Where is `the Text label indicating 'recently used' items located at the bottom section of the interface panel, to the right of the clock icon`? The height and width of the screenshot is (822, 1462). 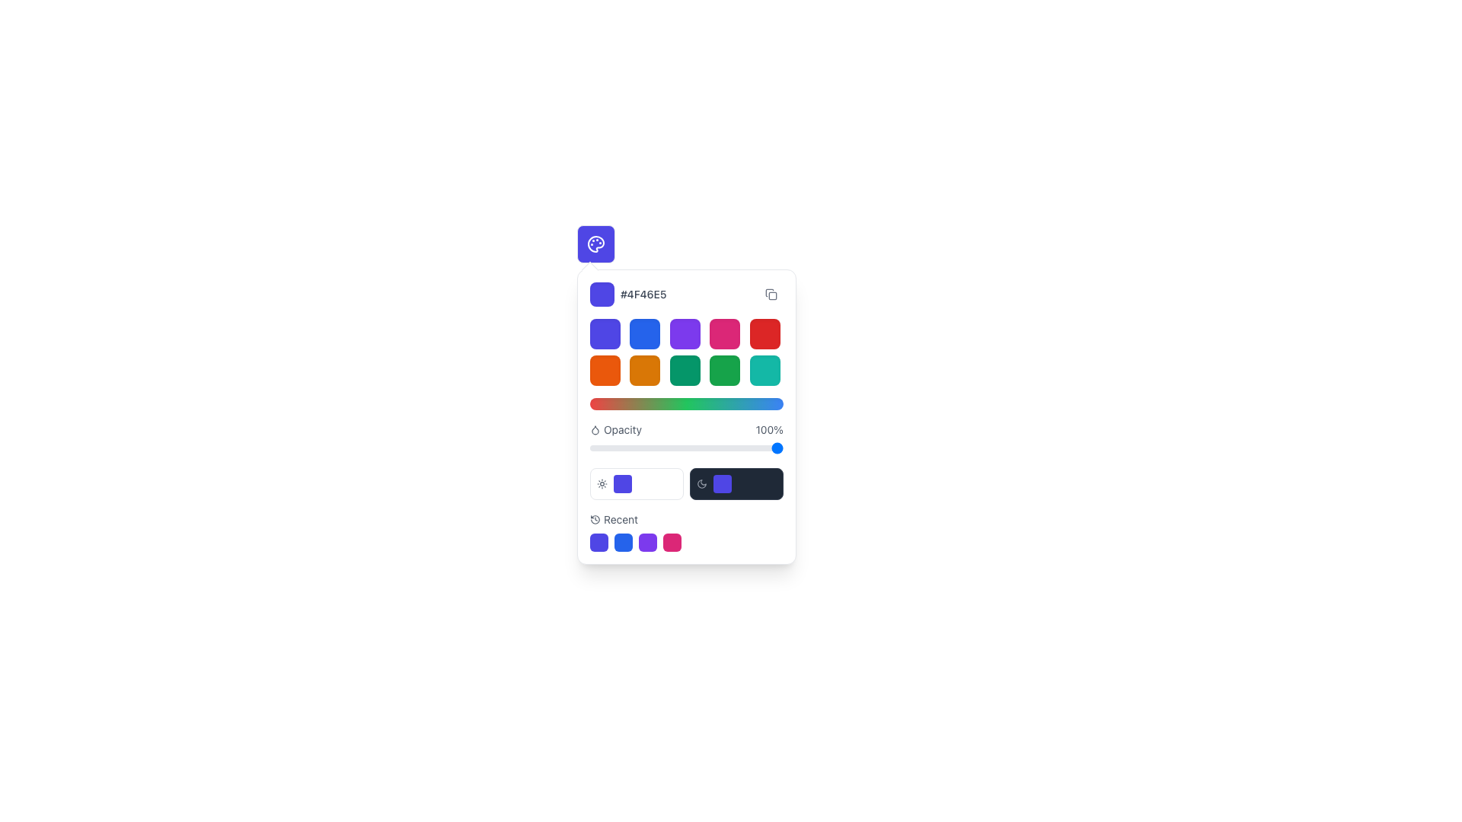
the Text label indicating 'recently used' items located at the bottom section of the interface panel, to the right of the clock icon is located at coordinates (621, 518).